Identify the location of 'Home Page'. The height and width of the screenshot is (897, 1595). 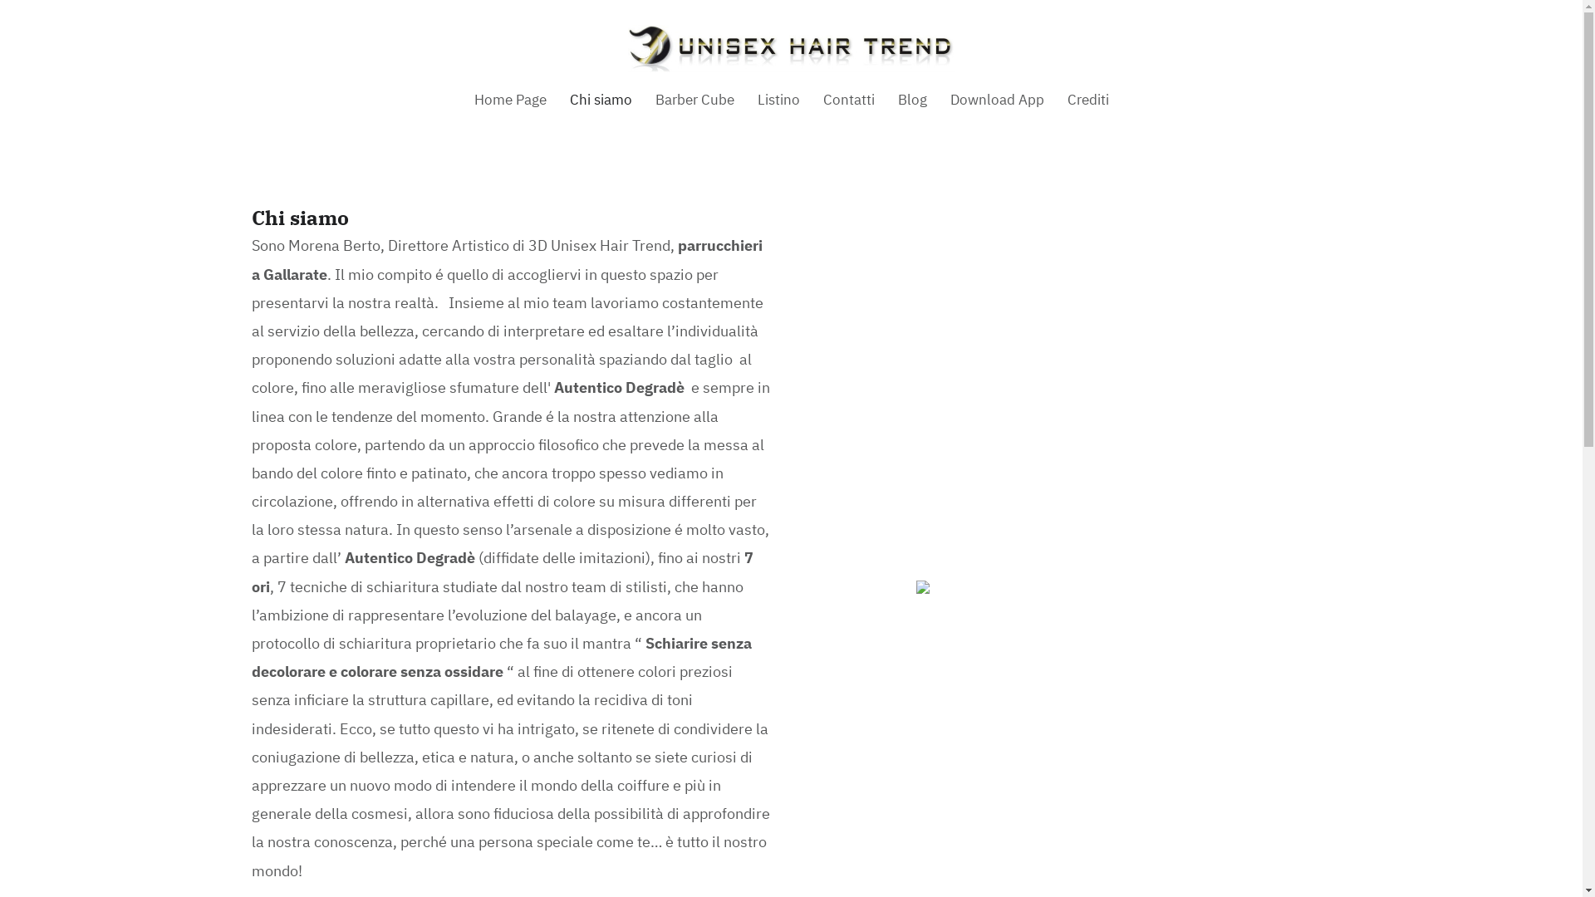
(508, 100).